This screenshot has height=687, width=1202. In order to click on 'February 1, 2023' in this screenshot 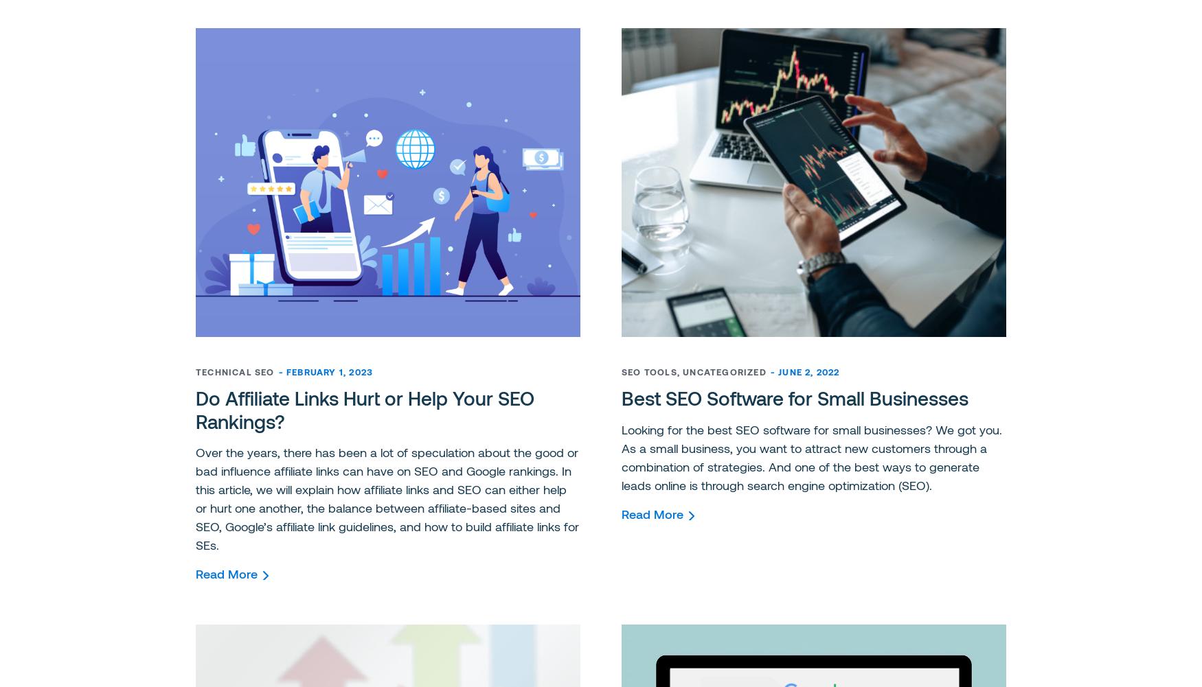, I will do `click(286, 371)`.